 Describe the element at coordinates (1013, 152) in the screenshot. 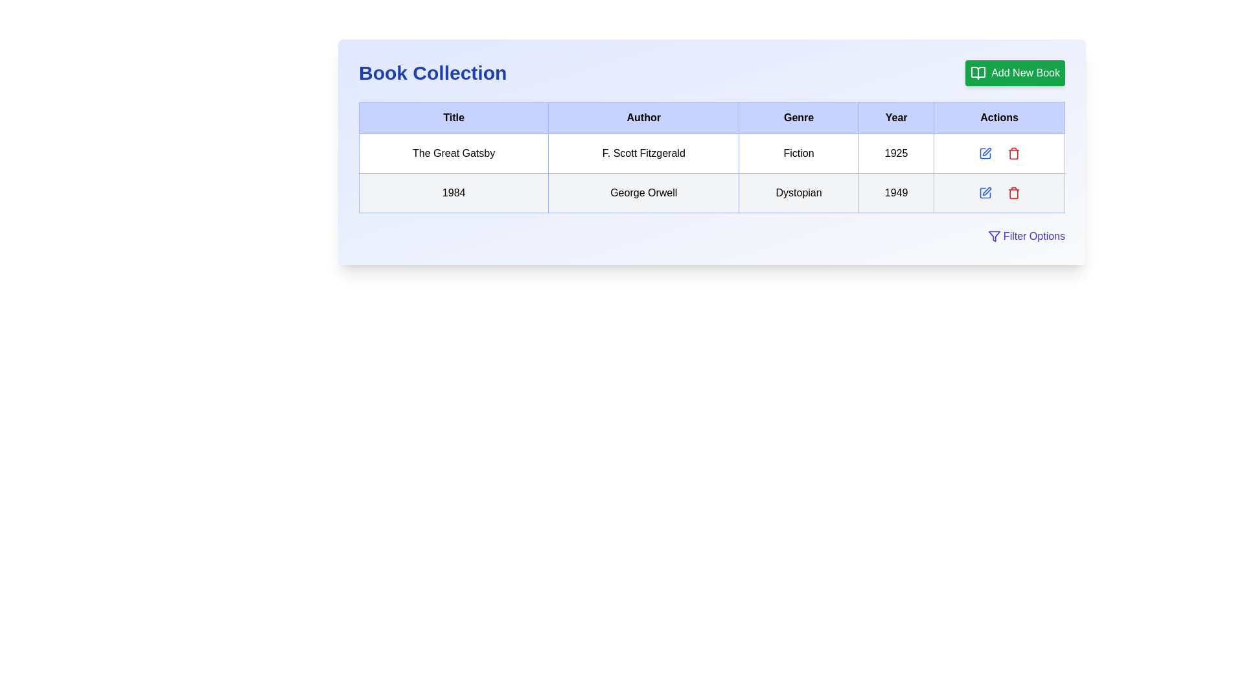

I see `the red trash icon in the 'Actions' column of the table for the book 'The Great Gatsby', which is the second button after the edit icon` at that location.